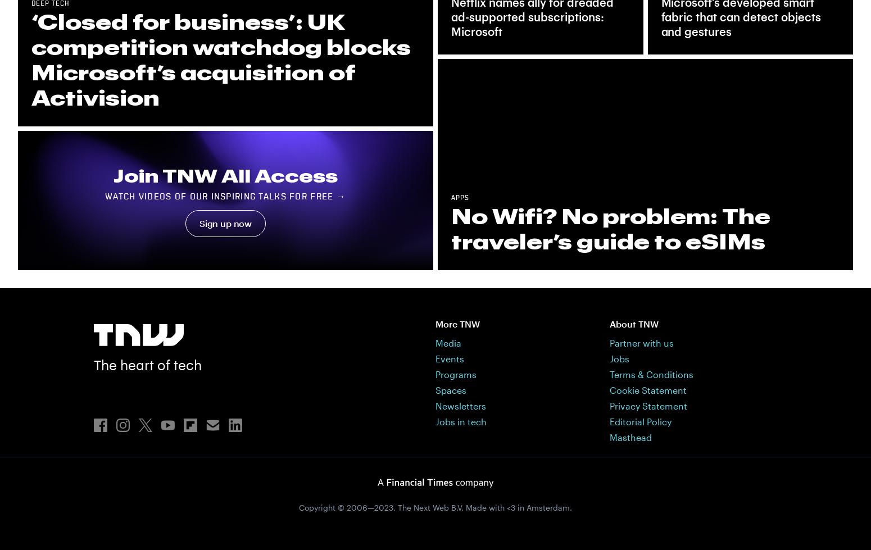  I want to click on '‘Closed for business’: UK competition watchdog blocks Microsoft’s acquisition of Activision', so click(221, 60).